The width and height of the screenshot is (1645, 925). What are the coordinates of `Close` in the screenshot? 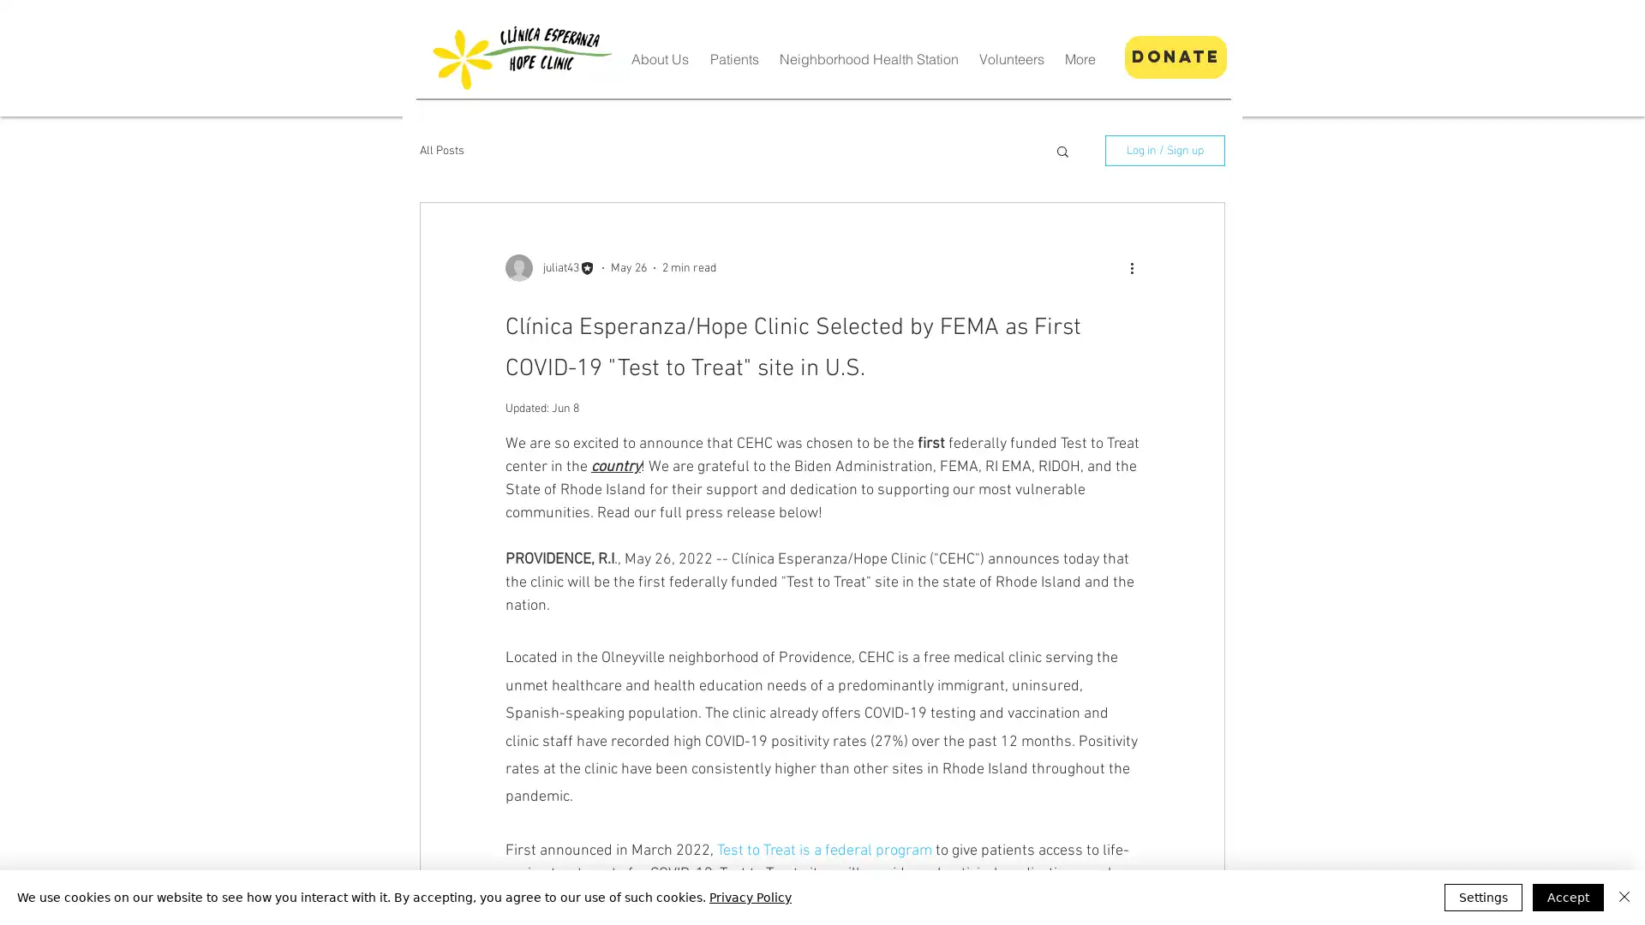 It's located at (1624, 897).